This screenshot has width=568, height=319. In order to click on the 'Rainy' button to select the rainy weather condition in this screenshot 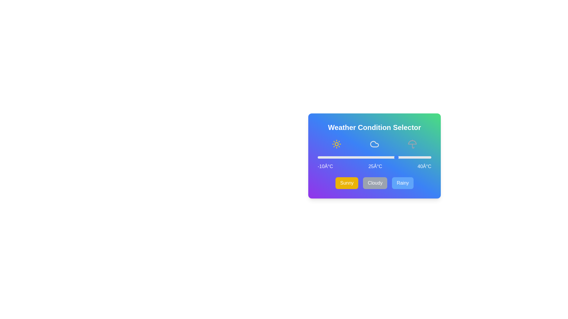, I will do `click(402, 183)`.